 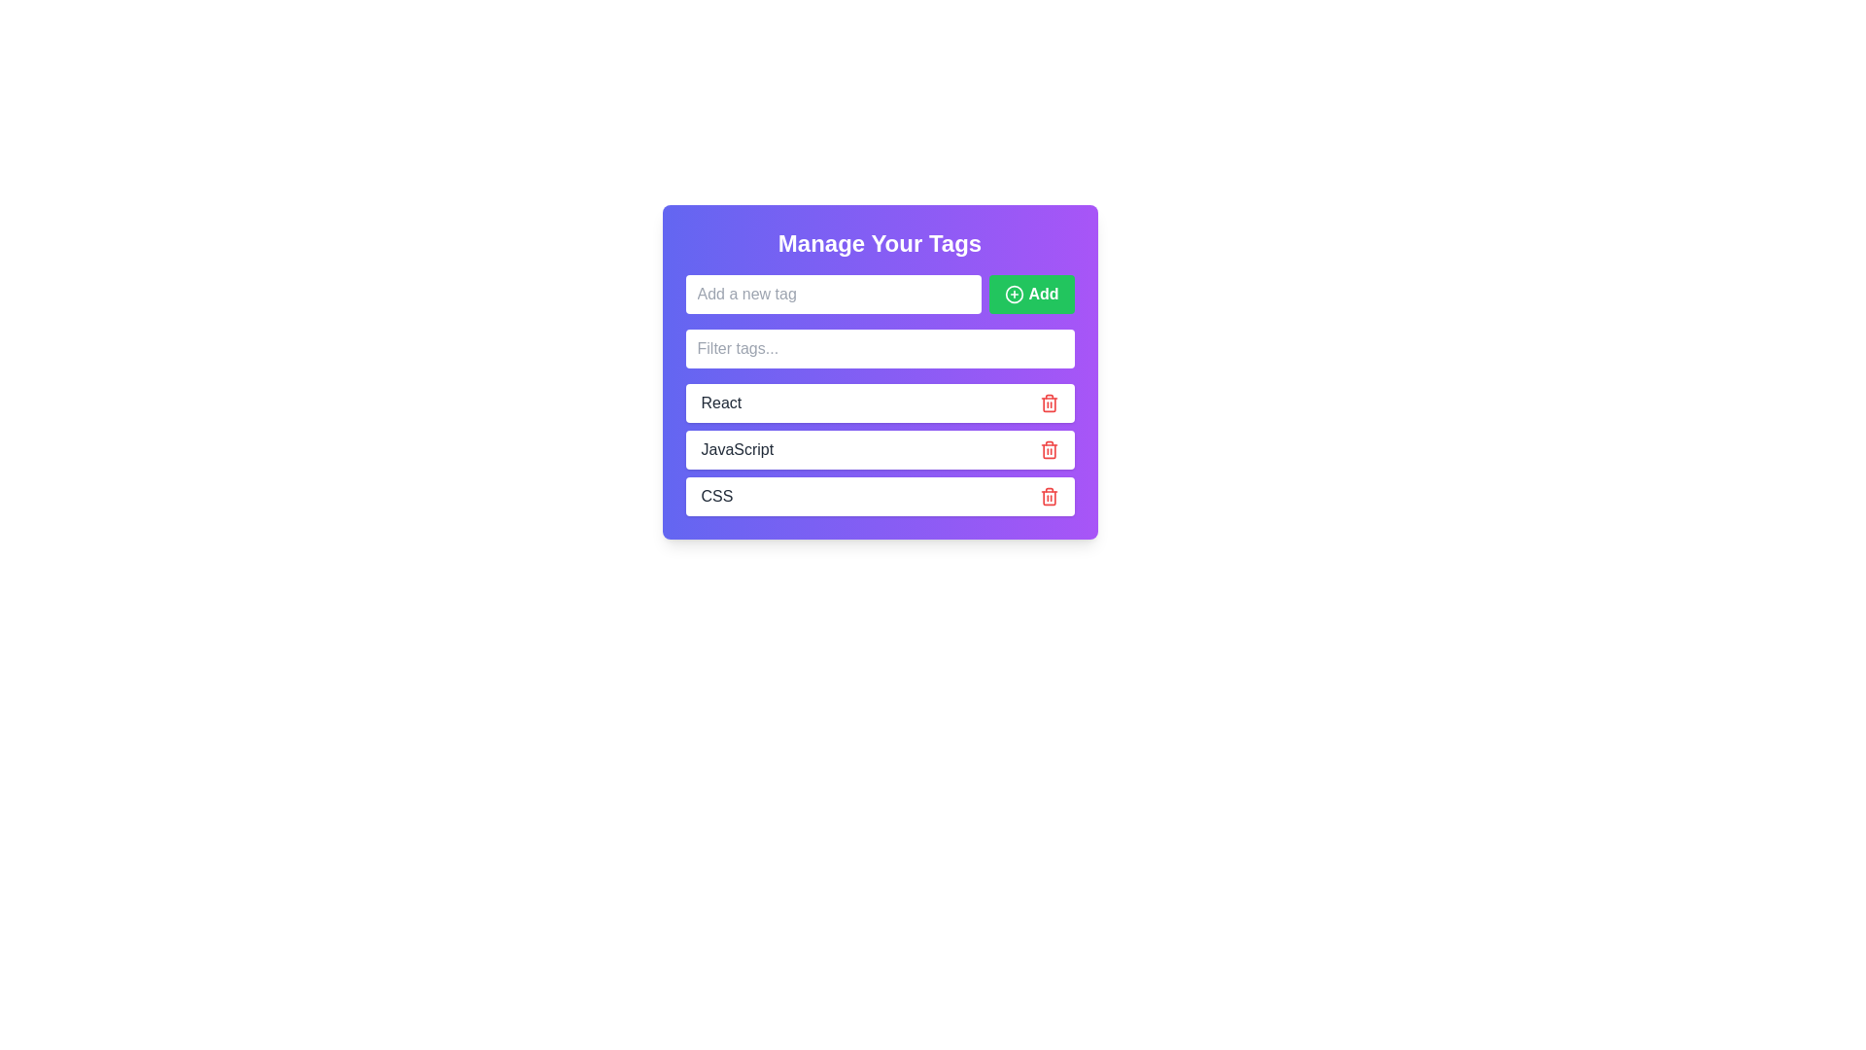 What do you see at coordinates (736, 449) in the screenshot?
I see `the static text label displaying 'JavaScript' in the tag management interface, located in the middle of the tag list between 'React' and 'CSS.'` at bounding box center [736, 449].